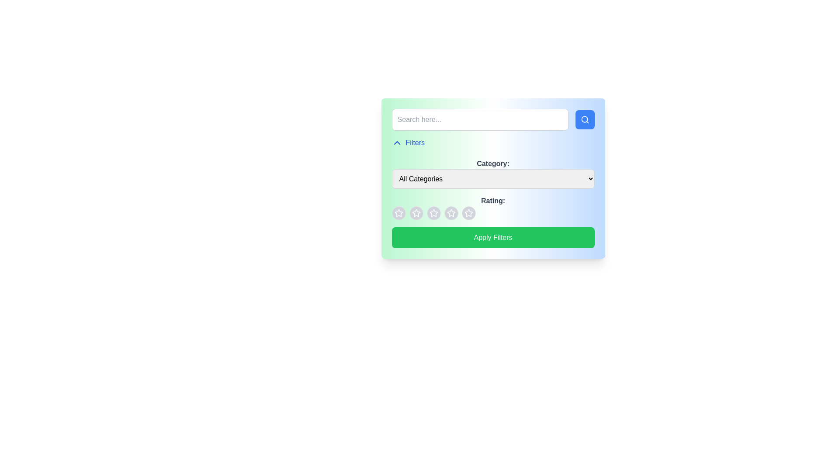 Image resolution: width=839 pixels, height=472 pixels. Describe the element at coordinates (398, 213) in the screenshot. I see `the star icon representing the first level of a rating system` at that location.